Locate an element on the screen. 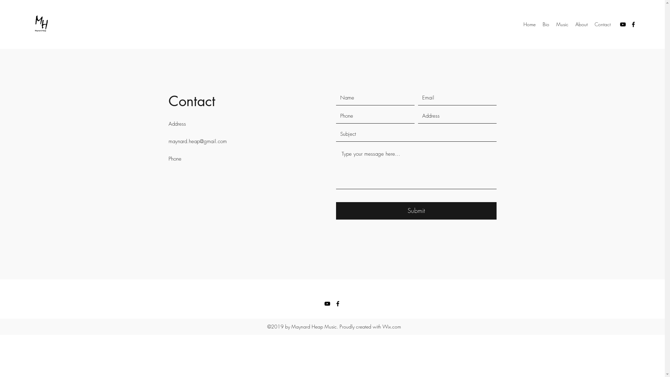 The width and height of the screenshot is (670, 377). 'Contact' is located at coordinates (602, 24).